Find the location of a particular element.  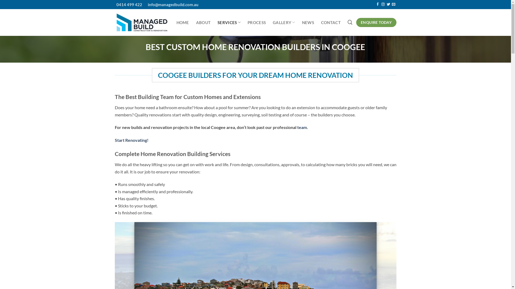

'Start Renovating!' is located at coordinates (131, 140).